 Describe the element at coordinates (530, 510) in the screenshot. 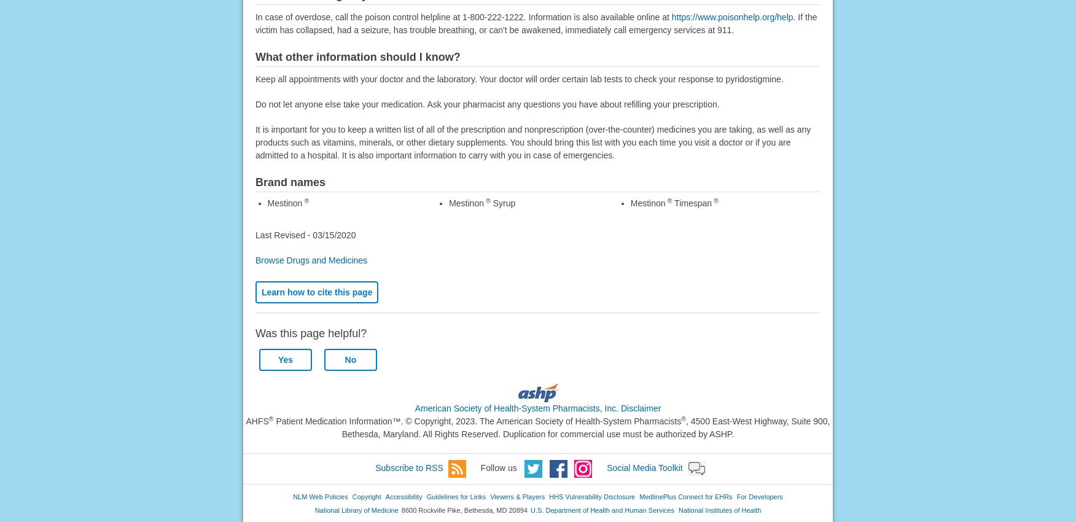

I see `'U.S. Department of Health and Human Services'` at that location.